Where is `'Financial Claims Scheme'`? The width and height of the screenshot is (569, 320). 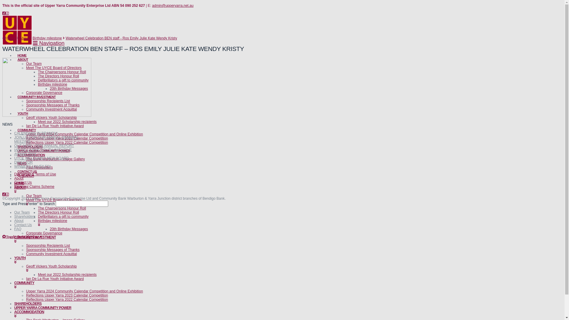 'Financial Claims Scheme' is located at coordinates (34, 186).